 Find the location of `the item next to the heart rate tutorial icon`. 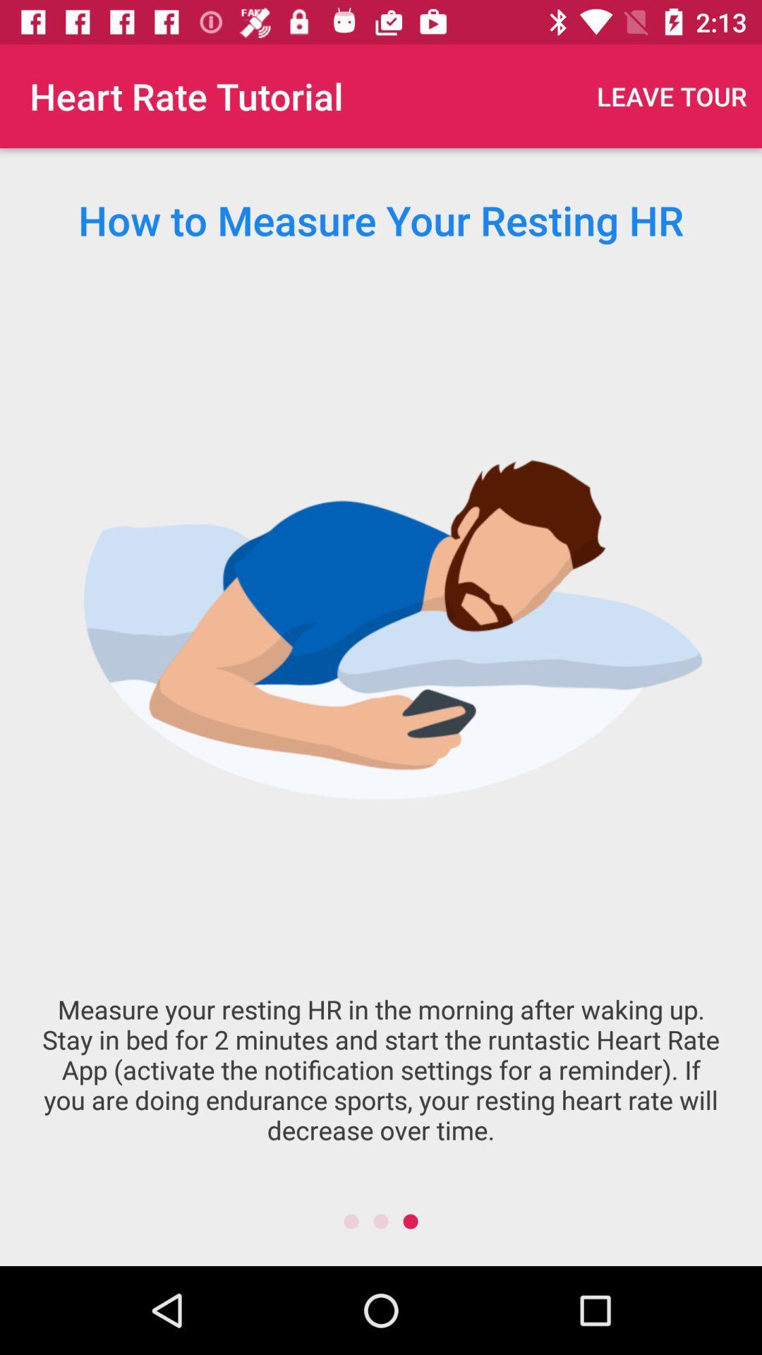

the item next to the heart rate tutorial icon is located at coordinates (671, 95).